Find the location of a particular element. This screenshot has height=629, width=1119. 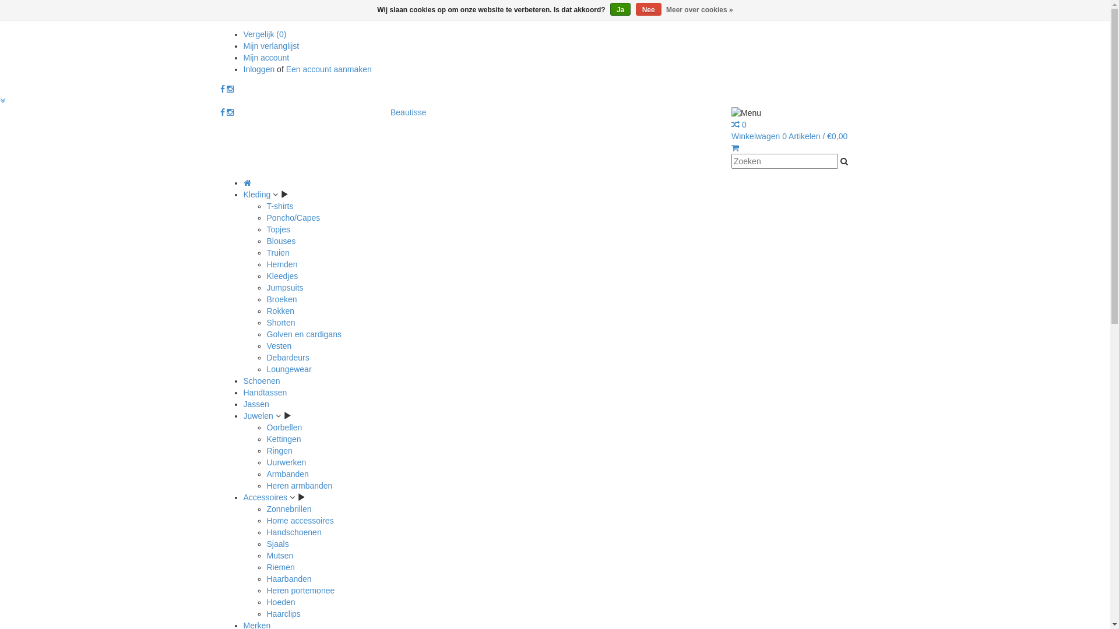

'Accessoires' is located at coordinates (265, 497).